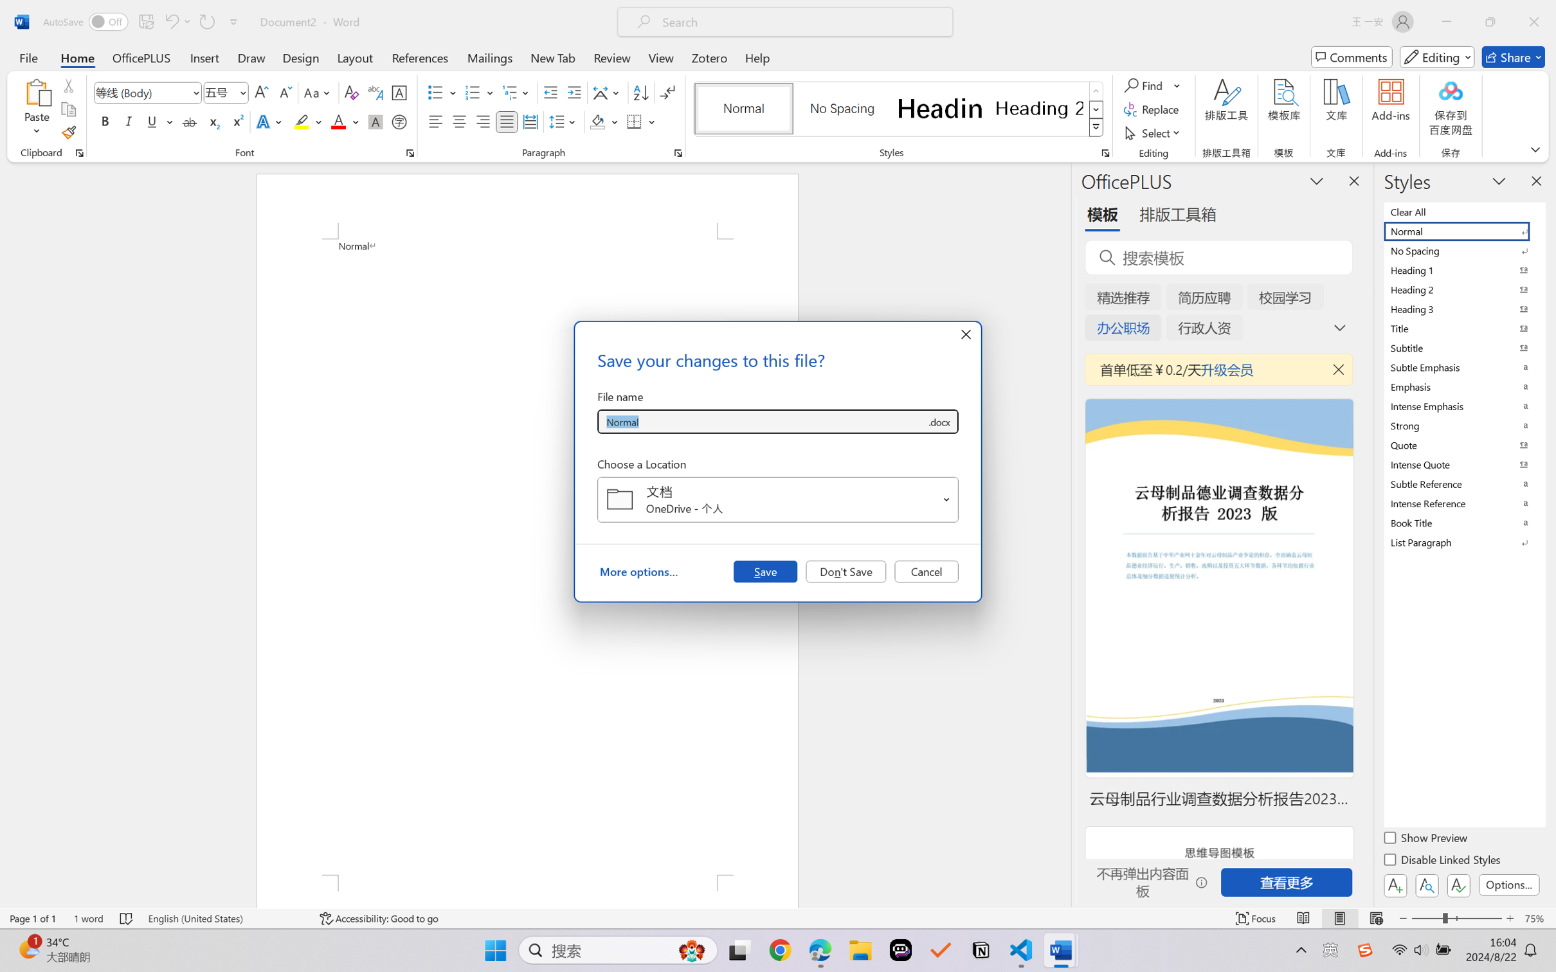  What do you see at coordinates (1463, 464) in the screenshot?
I see `'Intense Quote'` at bounding box center [1463, 464].